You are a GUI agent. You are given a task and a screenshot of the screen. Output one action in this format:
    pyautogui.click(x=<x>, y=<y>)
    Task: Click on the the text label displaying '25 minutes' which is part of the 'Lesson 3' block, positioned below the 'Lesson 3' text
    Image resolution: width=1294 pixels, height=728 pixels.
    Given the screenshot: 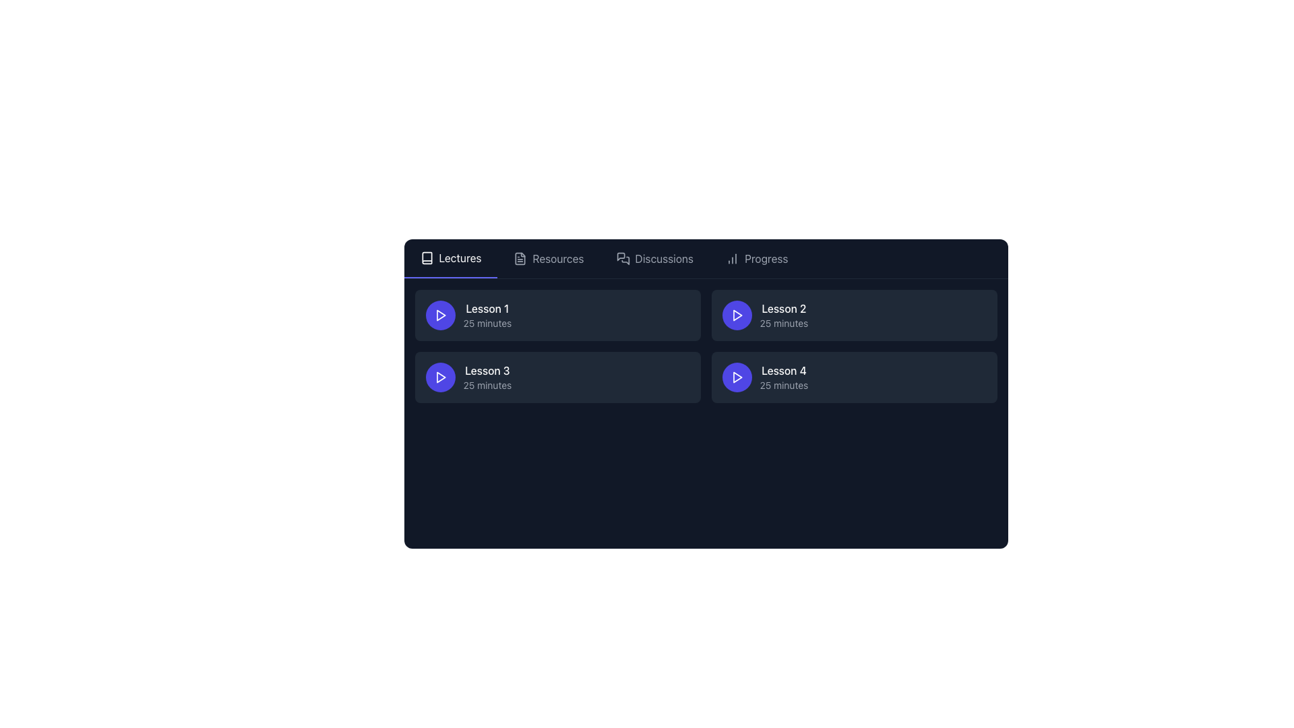 What is the action you would take?
    pyautogui.click(x=487, y=385)
    